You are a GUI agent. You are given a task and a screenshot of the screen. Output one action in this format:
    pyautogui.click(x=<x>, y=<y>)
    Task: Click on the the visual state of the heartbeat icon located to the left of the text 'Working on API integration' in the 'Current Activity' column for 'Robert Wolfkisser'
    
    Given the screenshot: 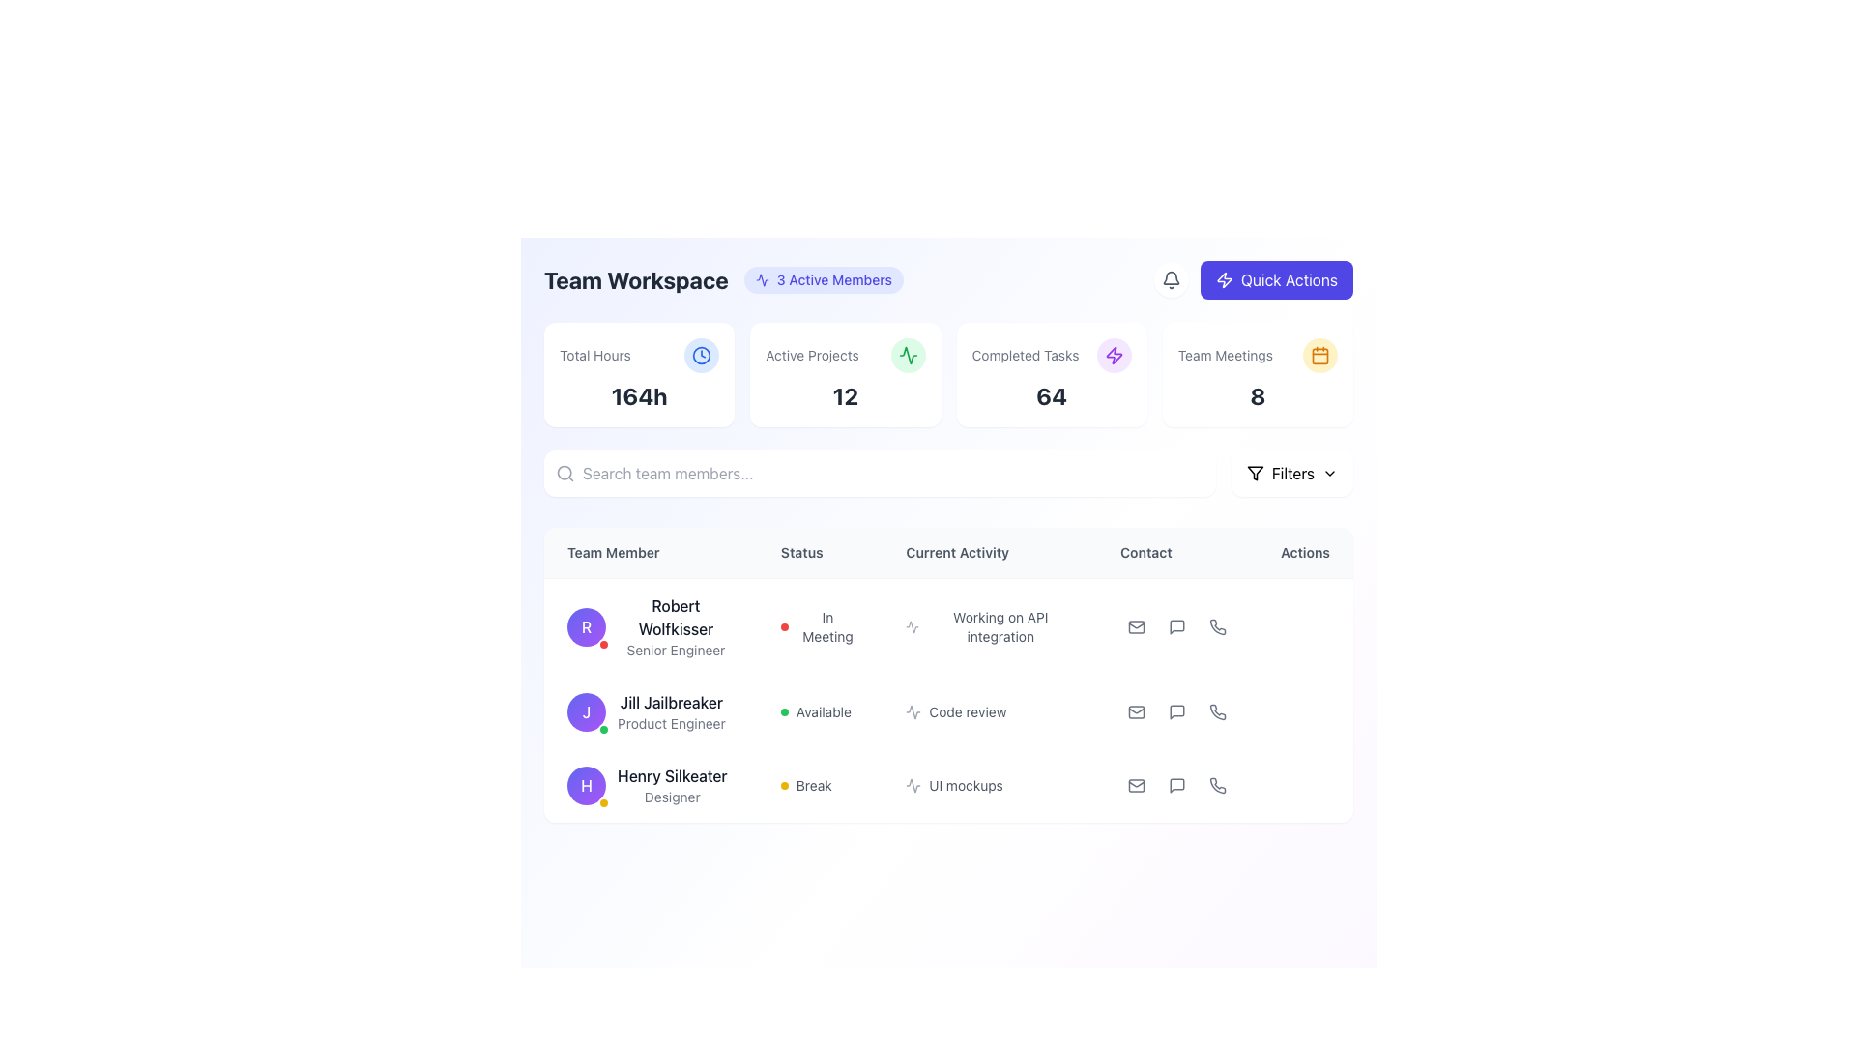 What is the action you would take?
    pyautogui.click(x=912, y=626)
    